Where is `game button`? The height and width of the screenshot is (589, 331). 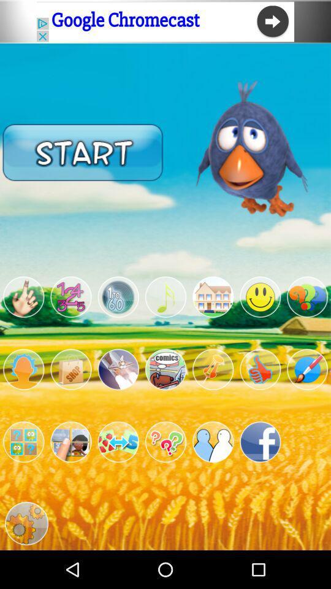
game button is located at coordinates (23, 442).